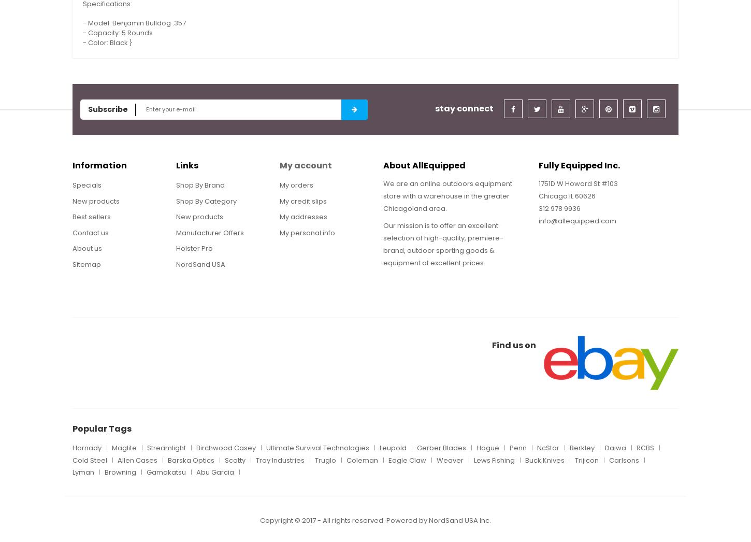  I want to click on 'Lews Fishing', so click(494, 459).